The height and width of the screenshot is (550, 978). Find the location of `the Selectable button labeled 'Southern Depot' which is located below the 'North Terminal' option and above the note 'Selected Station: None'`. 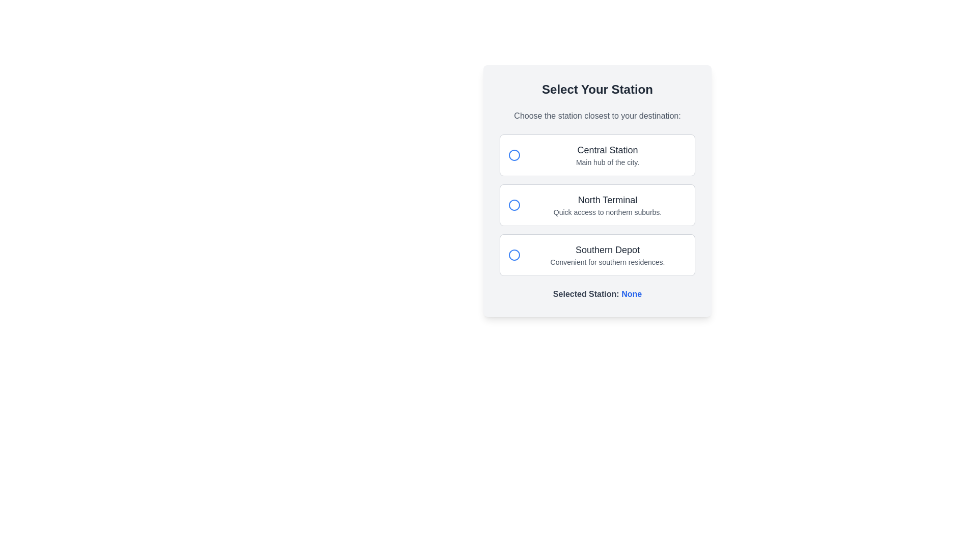

the Selectable button labeled 'Southern Depot' which is located below the 'North Terminal' option and above the note 'Selected Station: None' is located at coordinates (597, 255).